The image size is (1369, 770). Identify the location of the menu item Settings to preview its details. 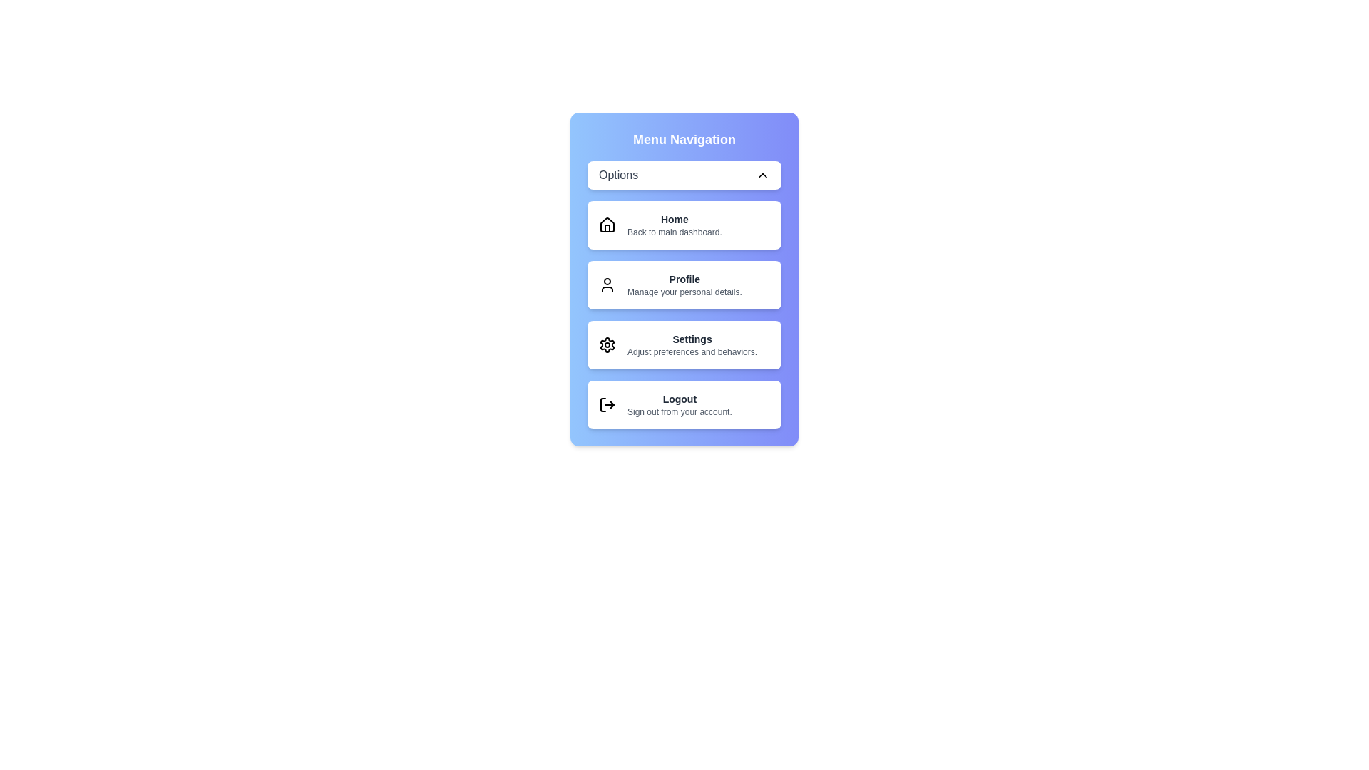
(684, 344).